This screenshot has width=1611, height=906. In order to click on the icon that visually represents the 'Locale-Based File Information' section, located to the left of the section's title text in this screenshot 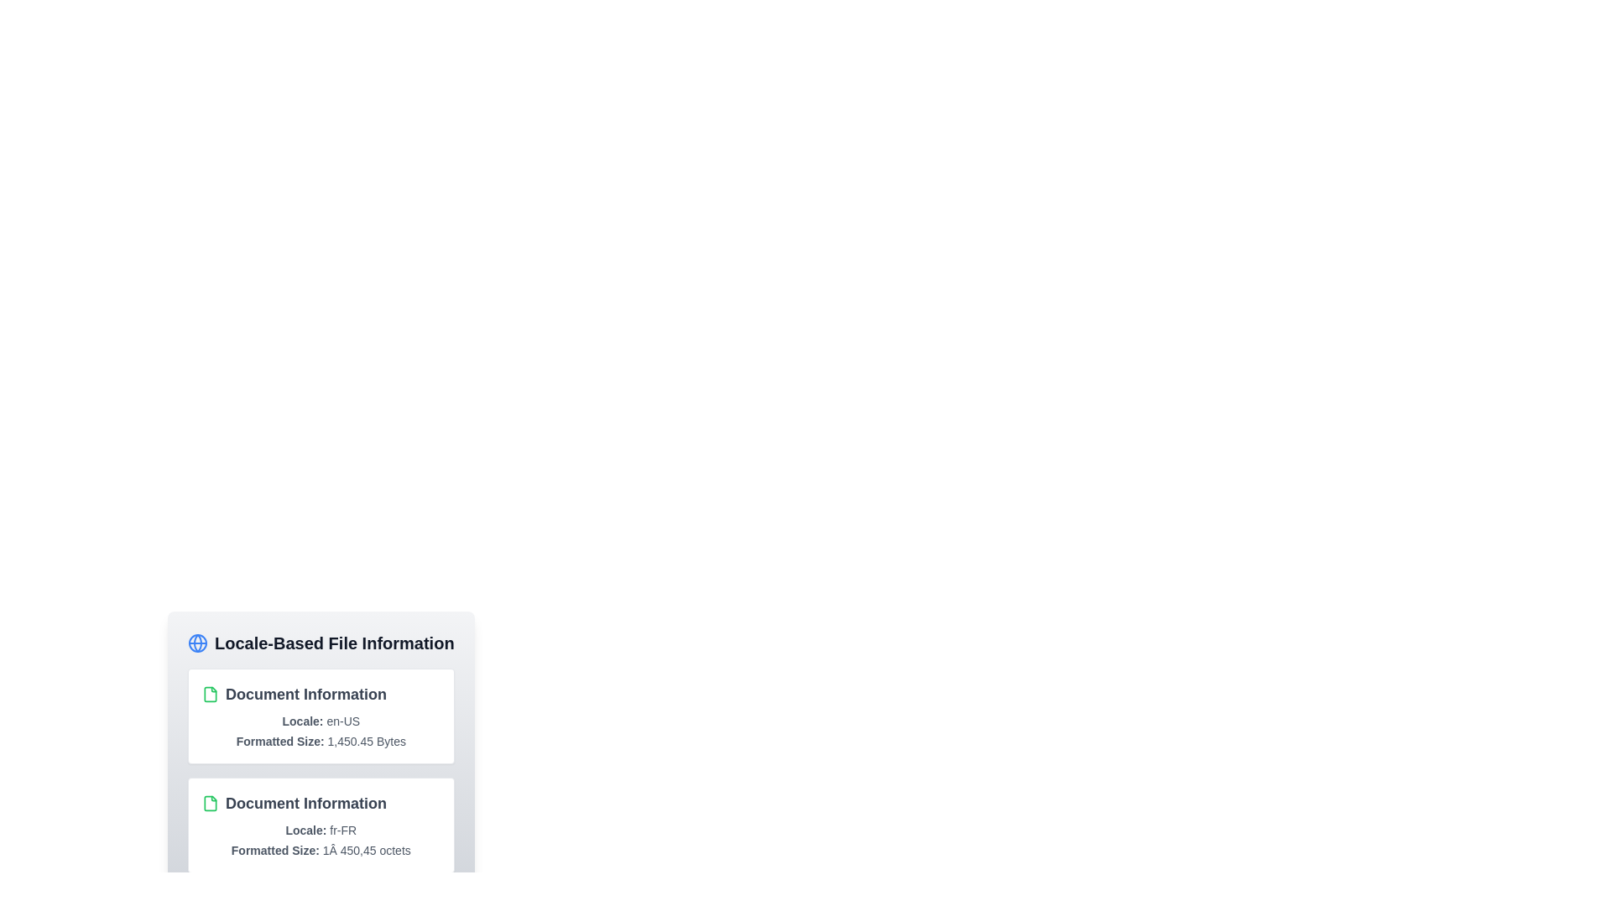, I will do `click(197, 643)`.